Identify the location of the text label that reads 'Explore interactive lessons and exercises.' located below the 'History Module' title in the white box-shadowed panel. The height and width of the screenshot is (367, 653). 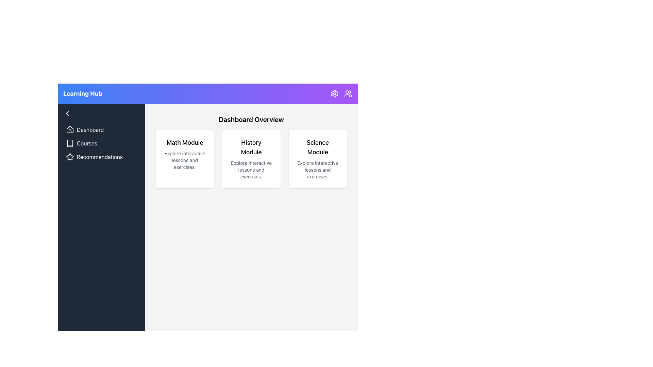
(251, 170).